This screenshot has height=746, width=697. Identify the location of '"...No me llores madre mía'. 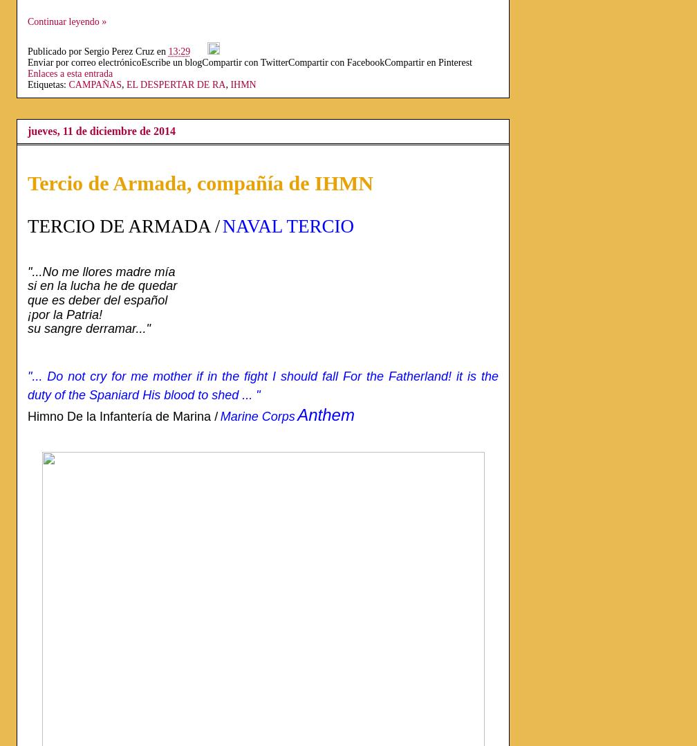
(101, 270).